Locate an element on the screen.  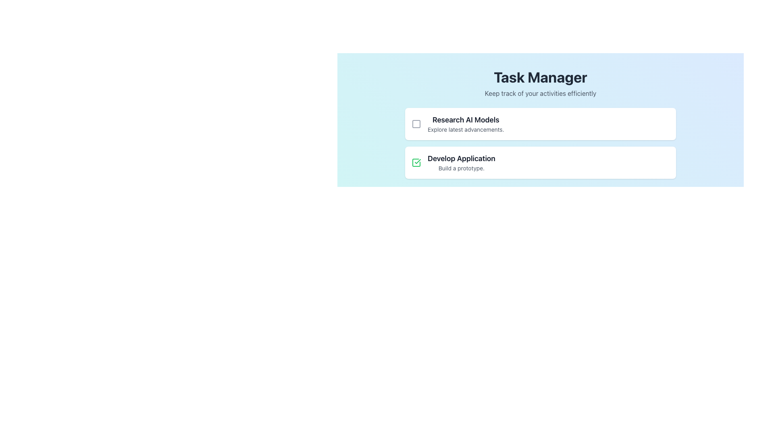
the small square icon styled with a border and light gray fill, located to the left of the 'Research AI Models' text in the top card of the 'Task Manager' interface is located at coordinates (416, 124).